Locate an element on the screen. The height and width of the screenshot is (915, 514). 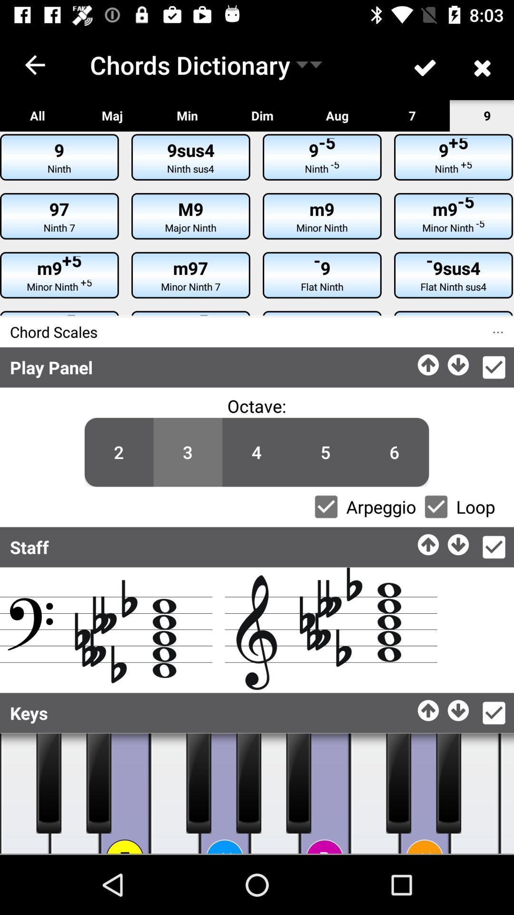
downarrow is located at coordinates (458, 708).